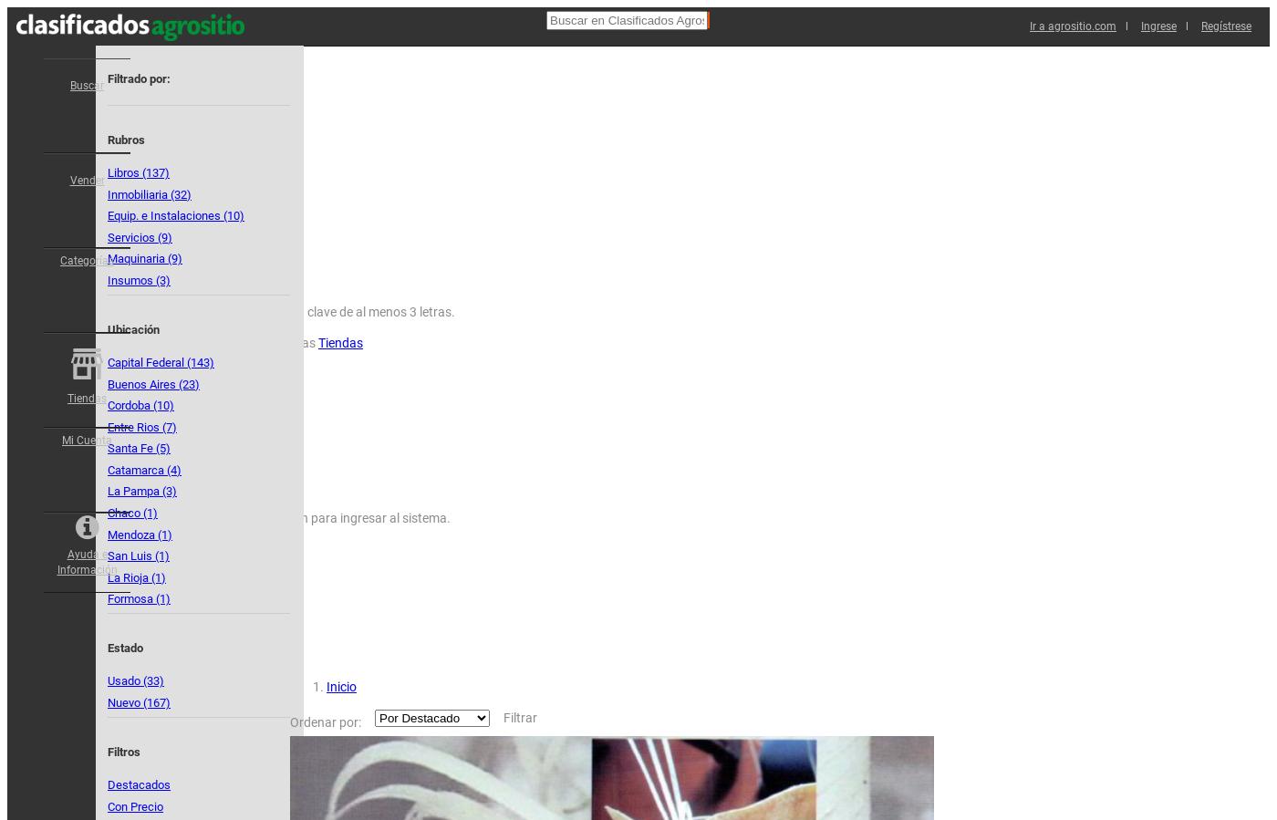 The image size is (1277, 820). Describe the element at coordinates (127, 464) in the screenshot. I see `'Ingrese la dirección de correo electrónico'` at that location.